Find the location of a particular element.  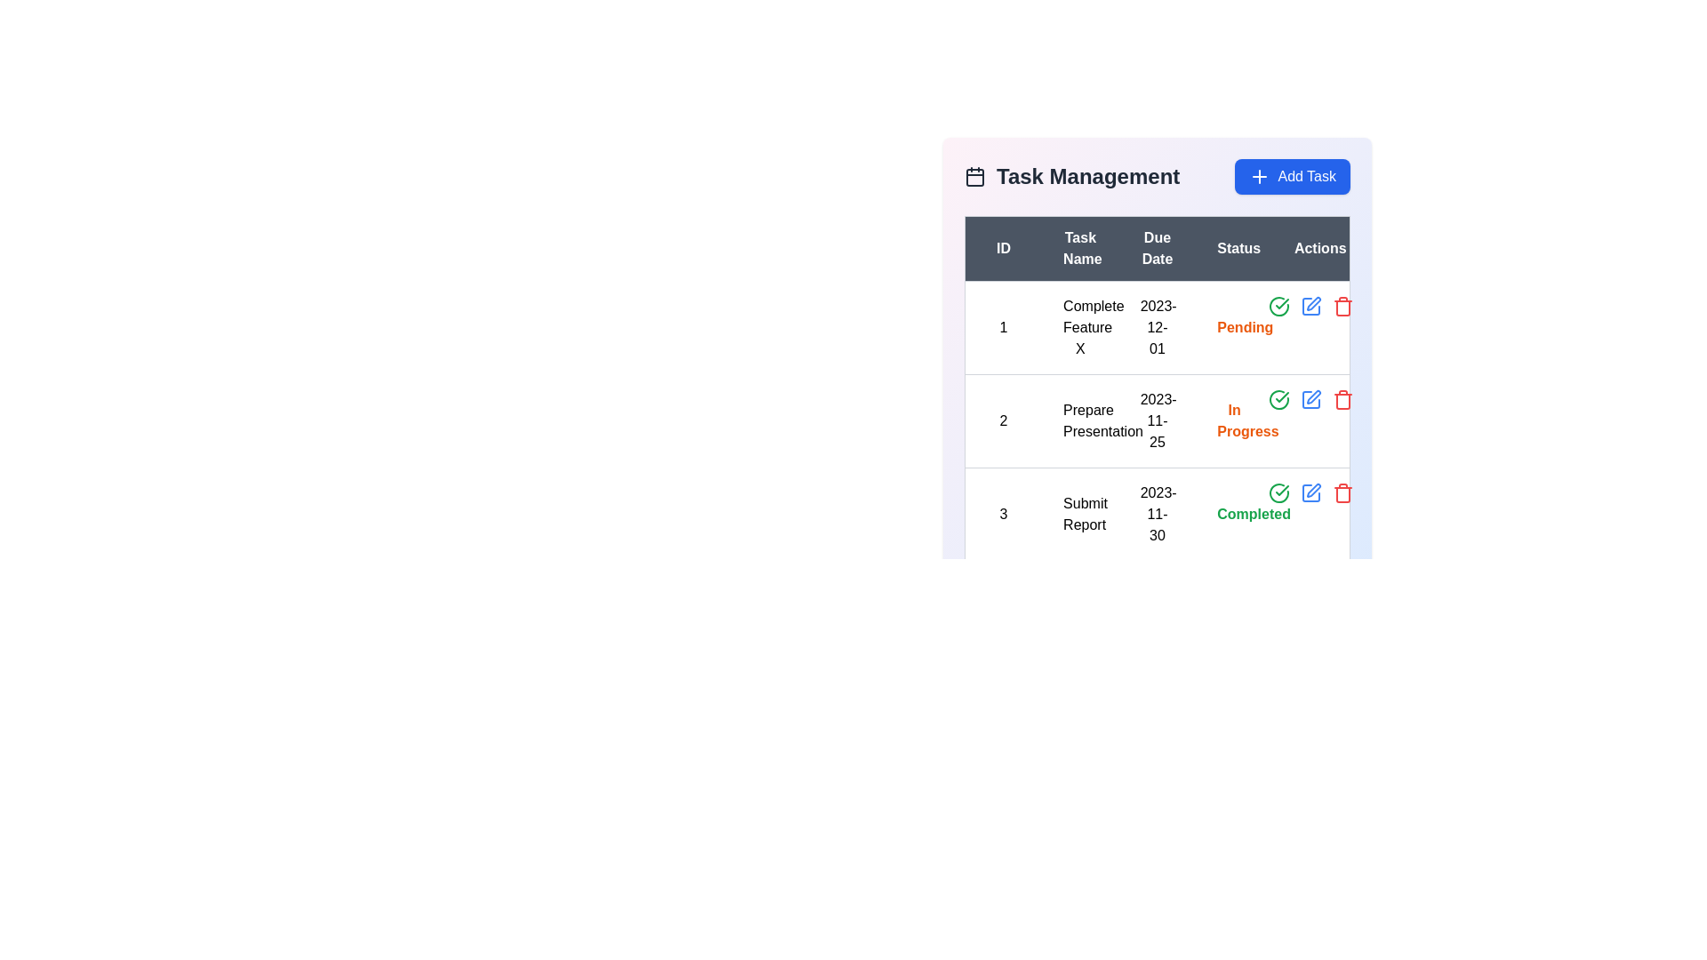

the text label displaying 'Complete Feature X' in the task management table, located under the 'Task Name' header is located at coordinates (1079, 328).